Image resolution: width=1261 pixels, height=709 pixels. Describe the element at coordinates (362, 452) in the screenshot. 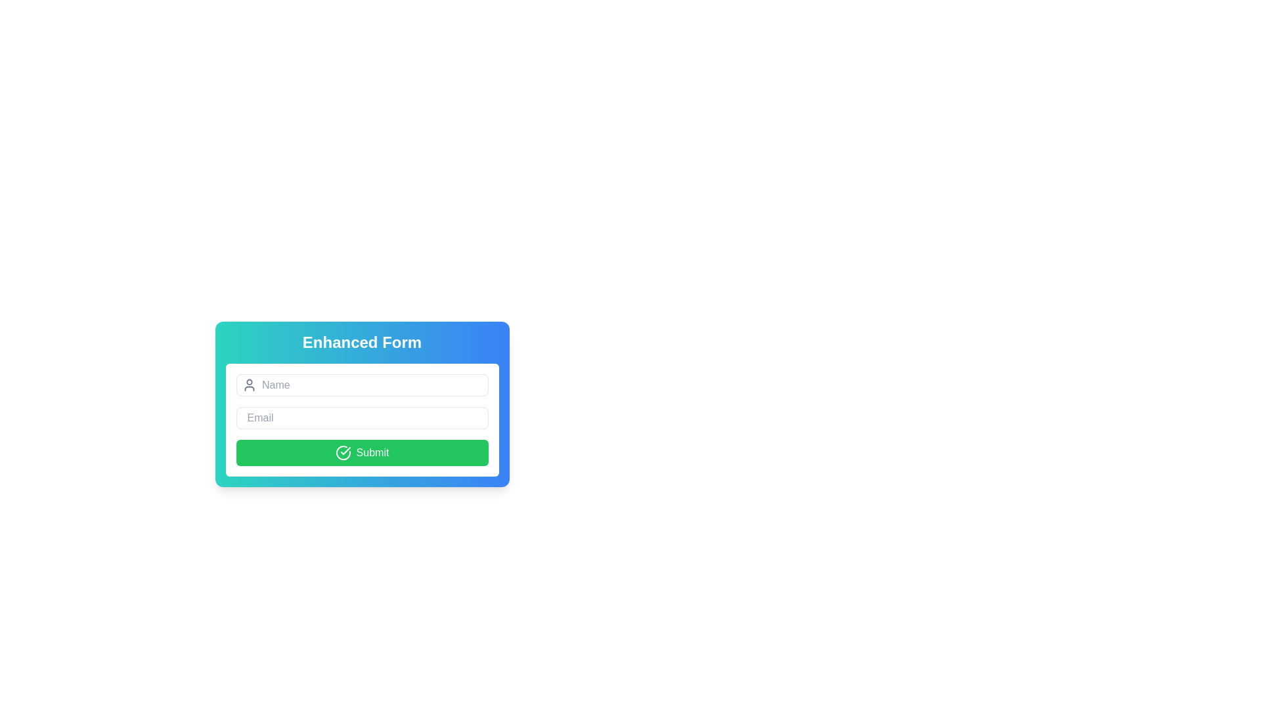

I see `the 'Submit' button, which is a rectangular button with a green background and white text, located at the bottom of the form interface` at that location.